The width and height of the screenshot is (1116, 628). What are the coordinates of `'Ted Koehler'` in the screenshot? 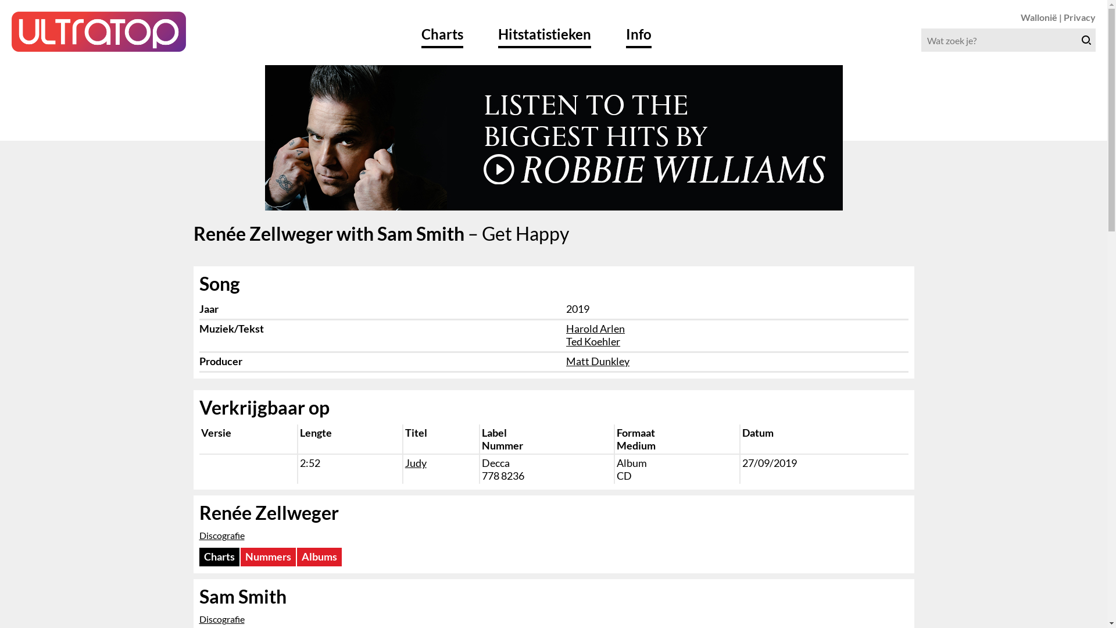 It's located at (593, 340).